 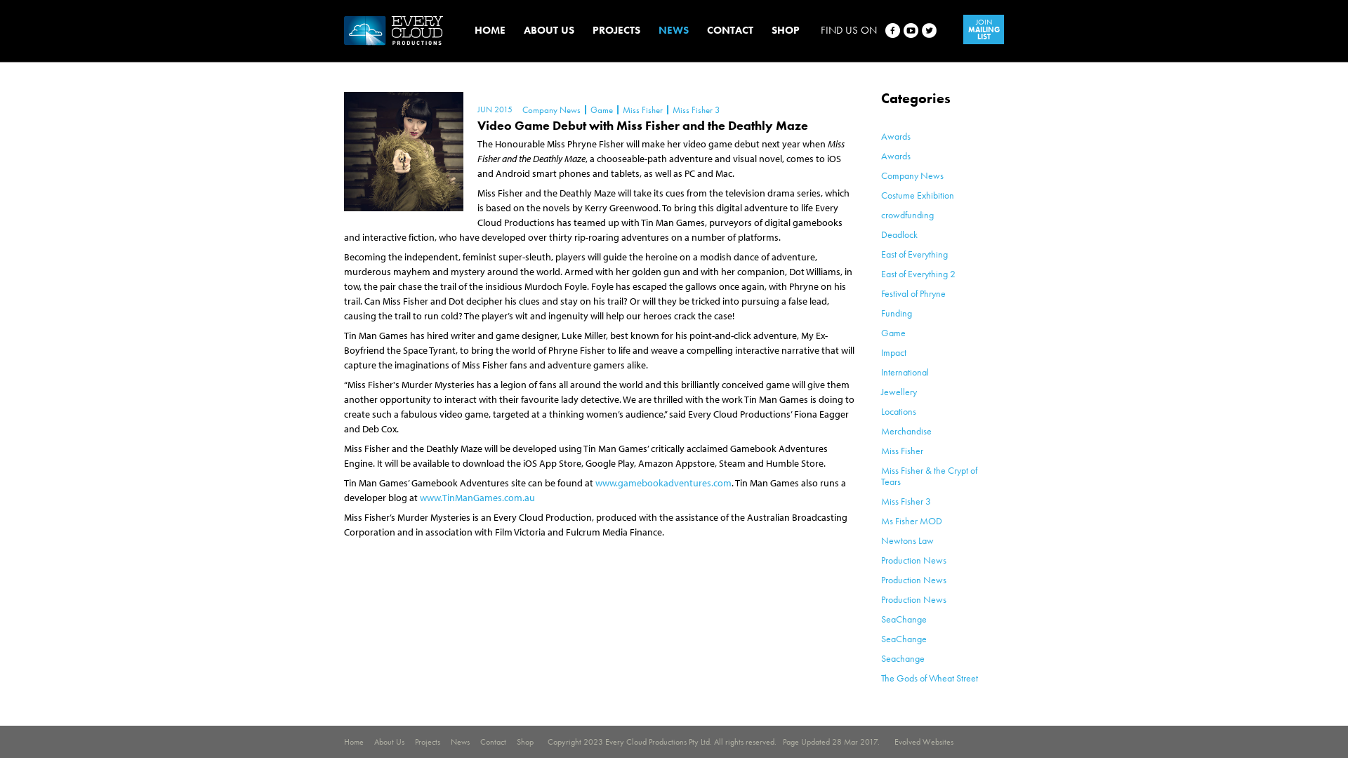 I want to click on 'Miss Fisher 3', so click(x=695, y=109).